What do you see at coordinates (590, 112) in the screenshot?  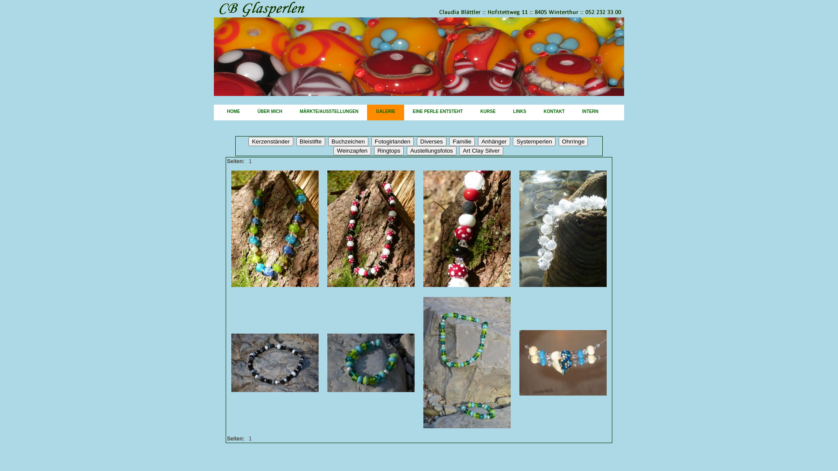 I see `'INTERN'` at bounding box center [590, 112].